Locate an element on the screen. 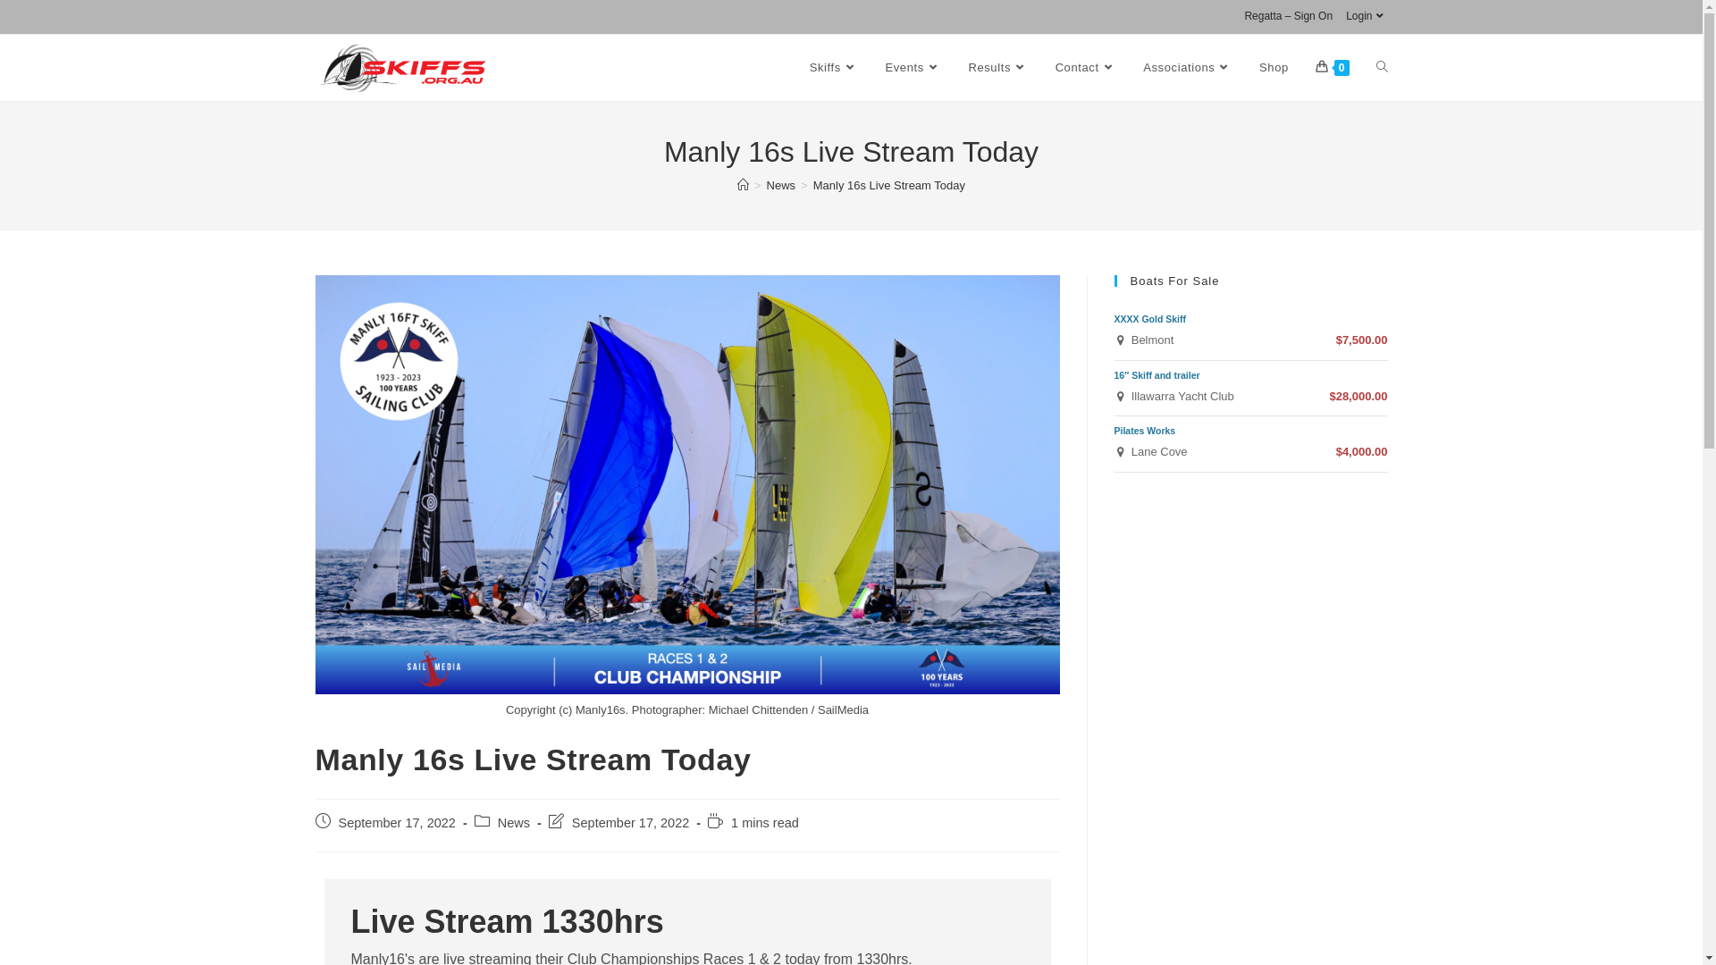 This screenshot has height=965, width=1716. 'News' is located at coordinates (767, 185).